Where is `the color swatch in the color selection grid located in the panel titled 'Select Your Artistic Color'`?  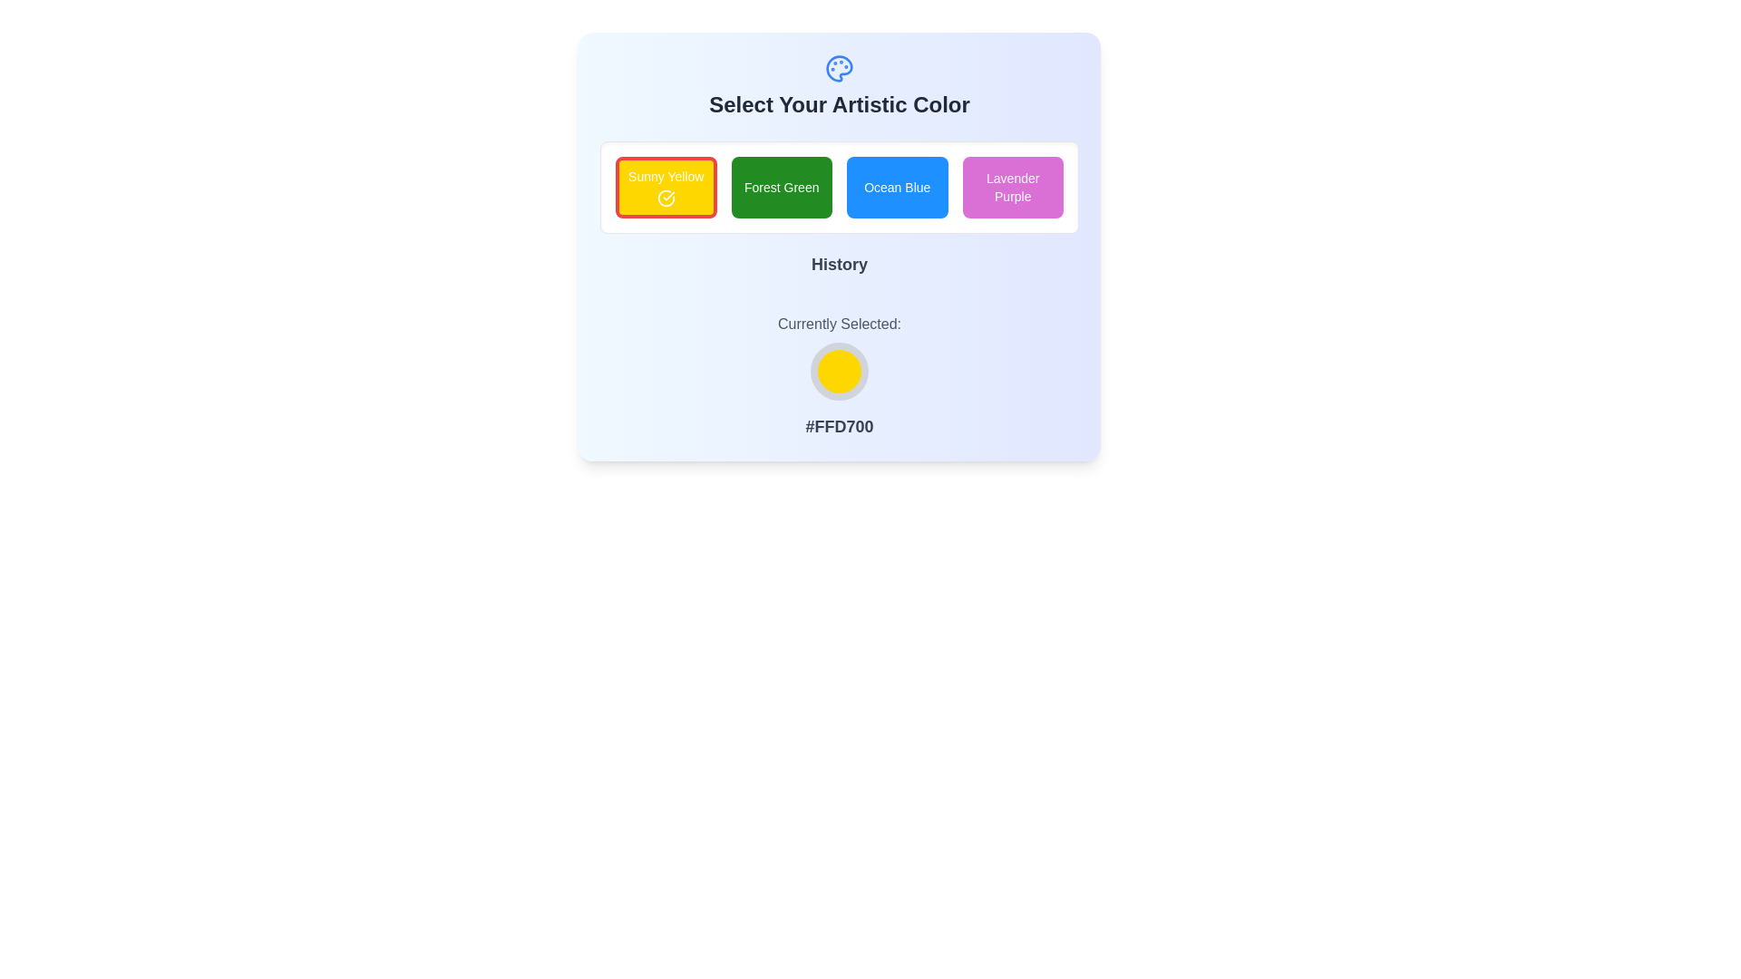
the color swatch in the color selection grid located in the panel titled 'Select Your Artistic Color' is located at coordinates (839, 188).